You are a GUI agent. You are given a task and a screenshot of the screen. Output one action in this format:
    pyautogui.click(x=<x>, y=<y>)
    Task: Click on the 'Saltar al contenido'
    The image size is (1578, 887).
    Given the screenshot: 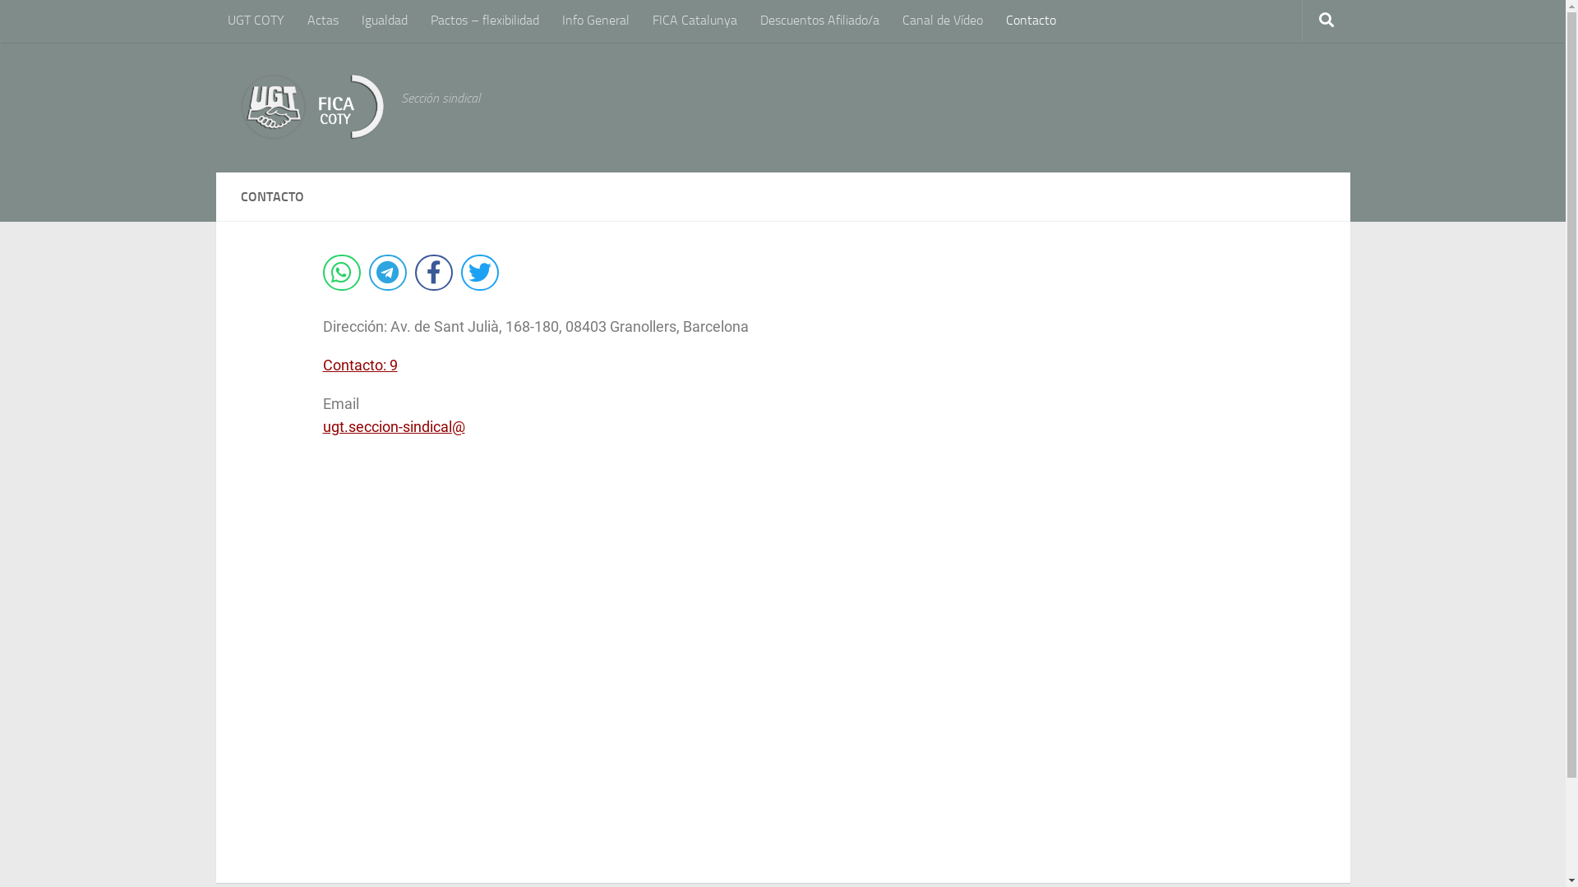 What is the action you would take?
    pyautogui.click(x=74, y=22)
    